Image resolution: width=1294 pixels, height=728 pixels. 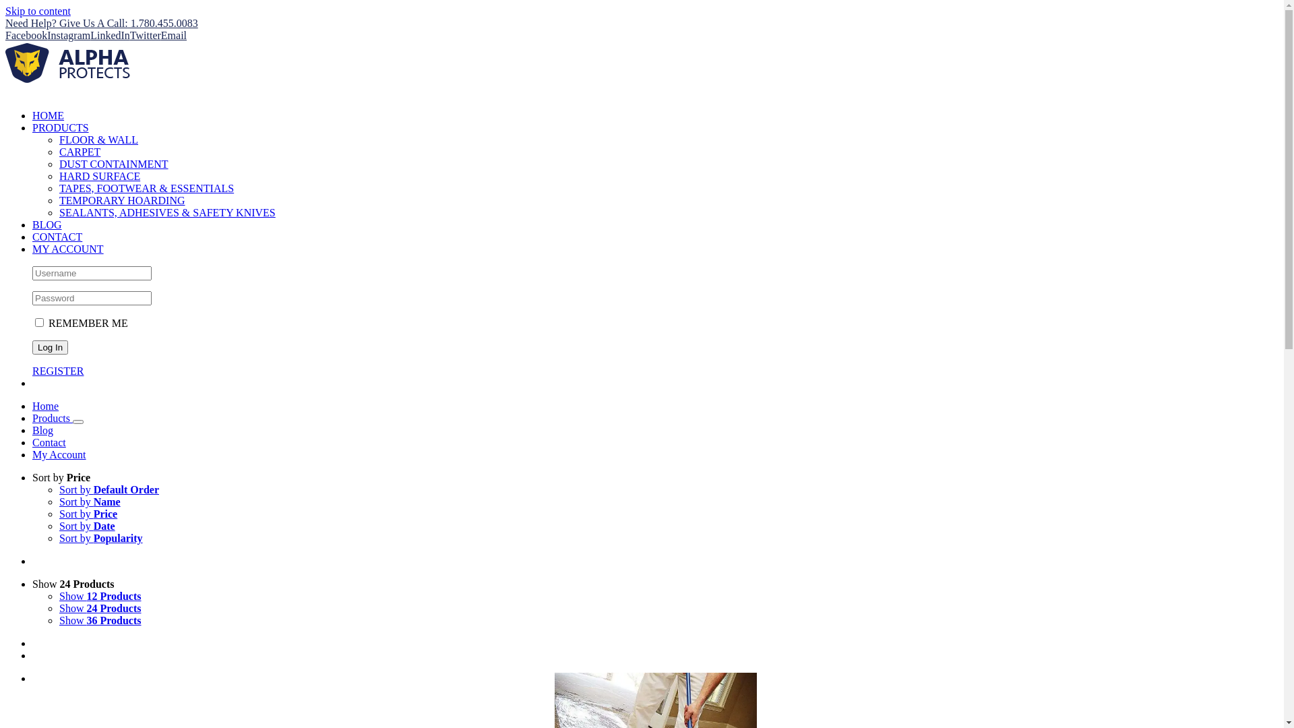 What do you see at coordinates (98, 140) in the screenshot?
I see `'FLOOR & WALL'` at bounding box center [98, 140].